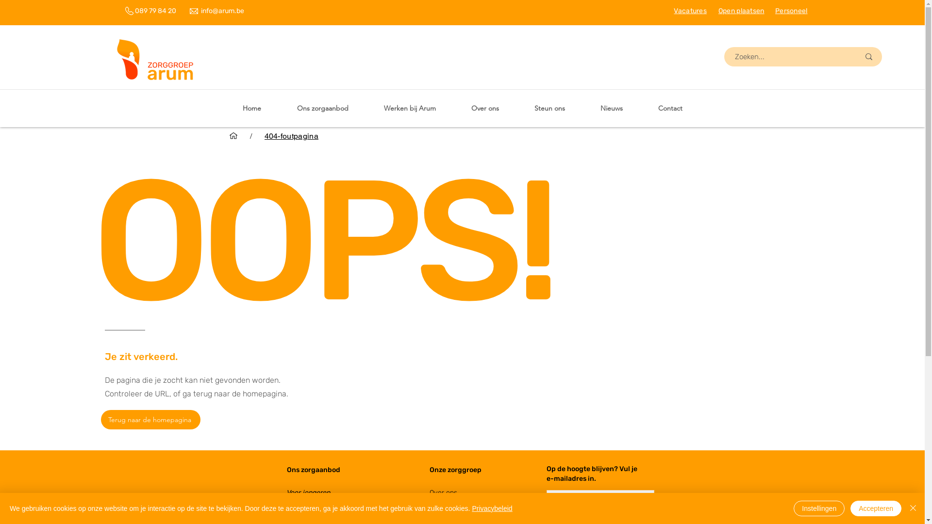  Describe the element at coordinates (611, 108) in the screenshot. I see `'Nieuws'` at that location.